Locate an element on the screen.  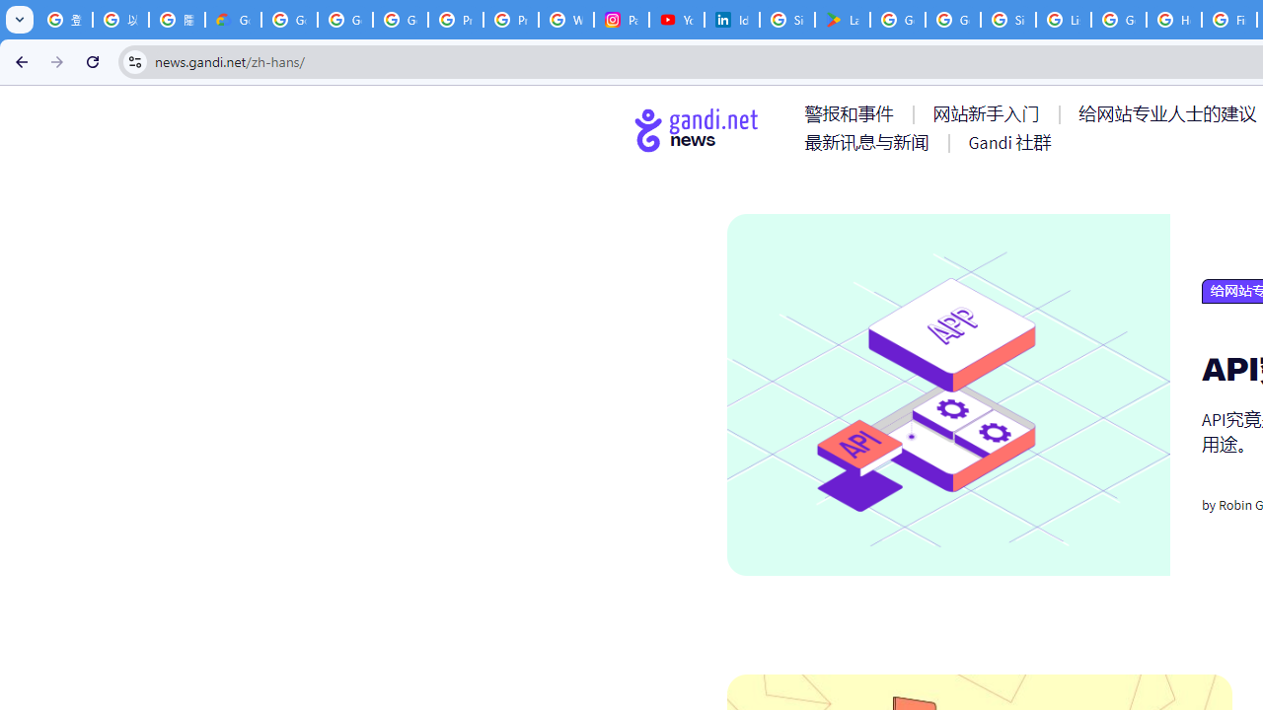
'Go to home' is located at coordinates (697, 129).